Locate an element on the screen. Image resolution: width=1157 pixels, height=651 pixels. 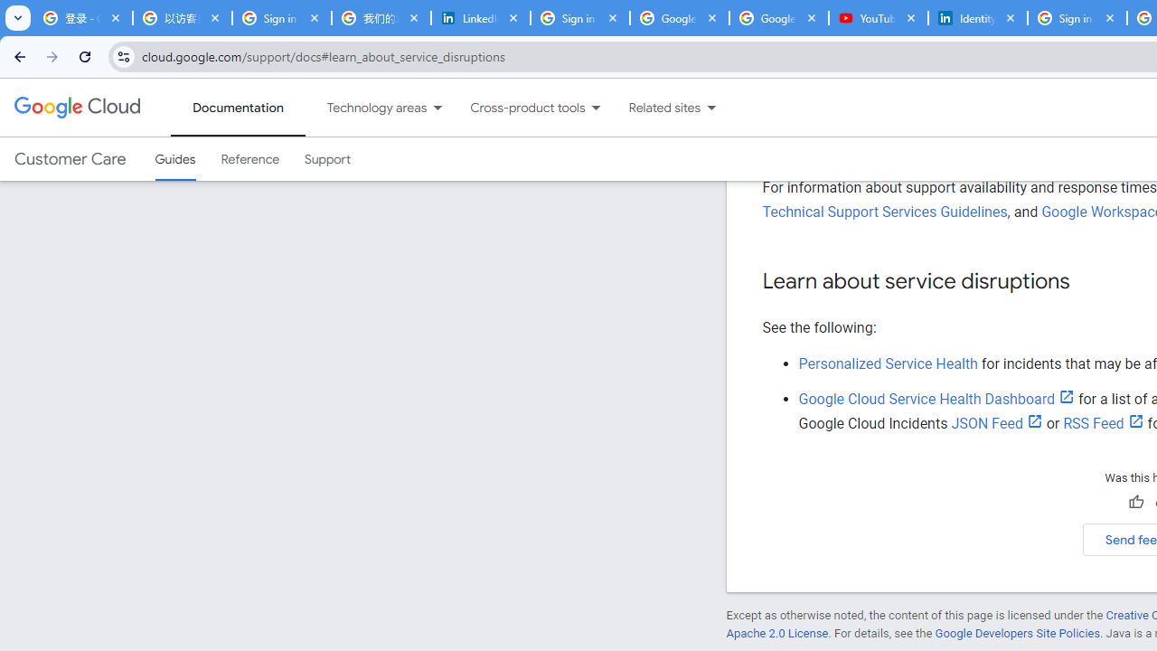
'Dropdown menu for Technology areas' is located at coordinates (437, 108).